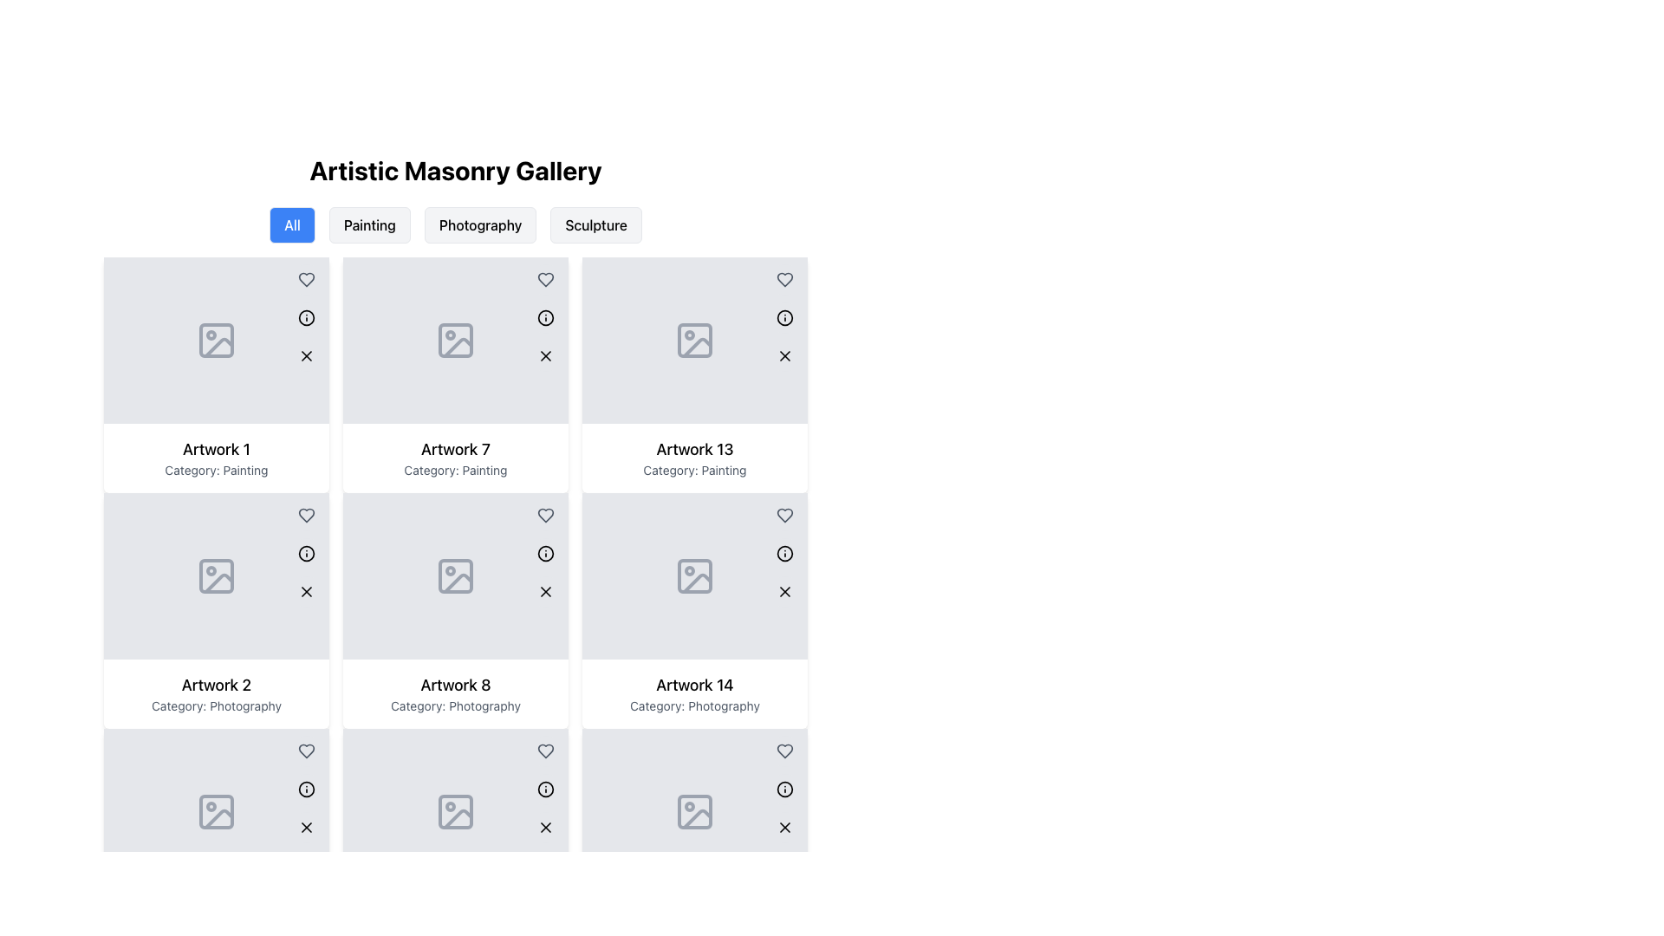 This screenshot has height=936, width=1664. What do you see at coordinates (456, 575) in the screenshot?
I see `the image placeholder for 'Artwork 8: Category Photography'` at bounding box center [456, 575].